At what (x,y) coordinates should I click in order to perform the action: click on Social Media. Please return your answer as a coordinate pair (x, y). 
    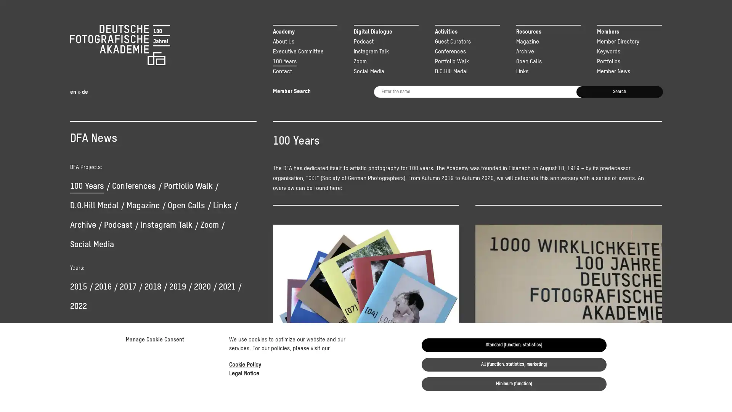
    Looking at the image, I should click on (91, 245).